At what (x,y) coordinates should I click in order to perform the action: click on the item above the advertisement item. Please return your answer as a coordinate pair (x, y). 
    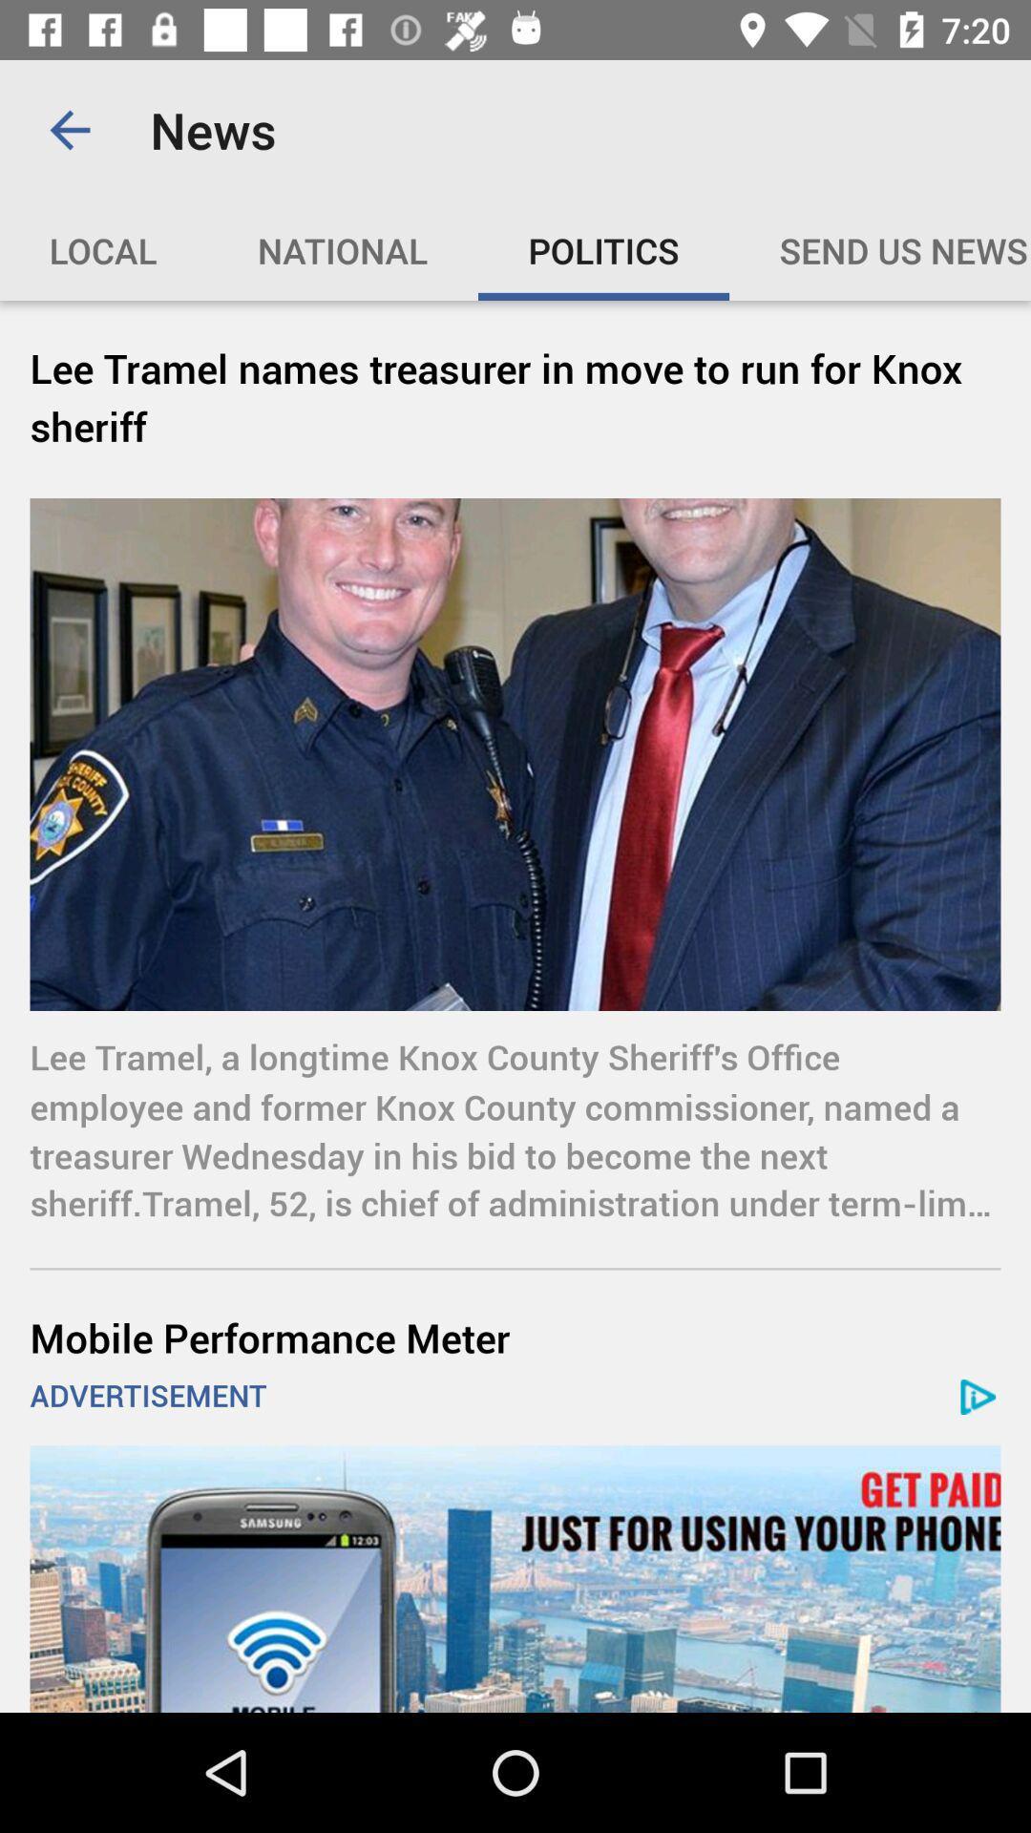
    Looking at the image, I should click on (515, 1337).